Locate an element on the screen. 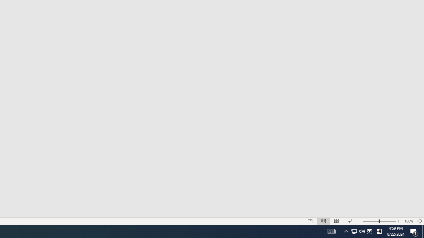  'Zoom 100%' is located at coordinates (408, 221).